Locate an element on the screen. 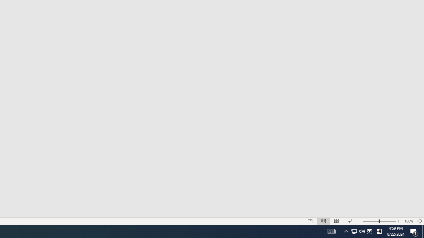  'Zoom 100%' is located at coordinates (408, 221).